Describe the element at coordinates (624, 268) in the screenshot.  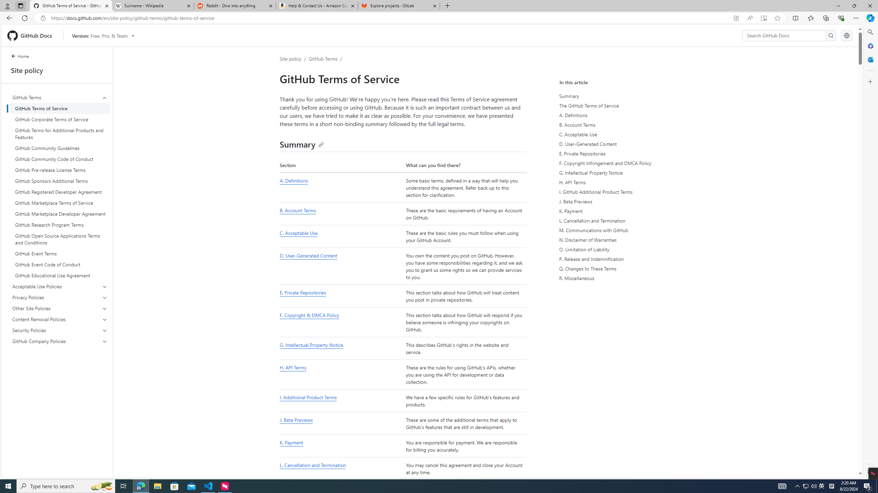
I see `'Q. Changes to These Terms'` at that location.